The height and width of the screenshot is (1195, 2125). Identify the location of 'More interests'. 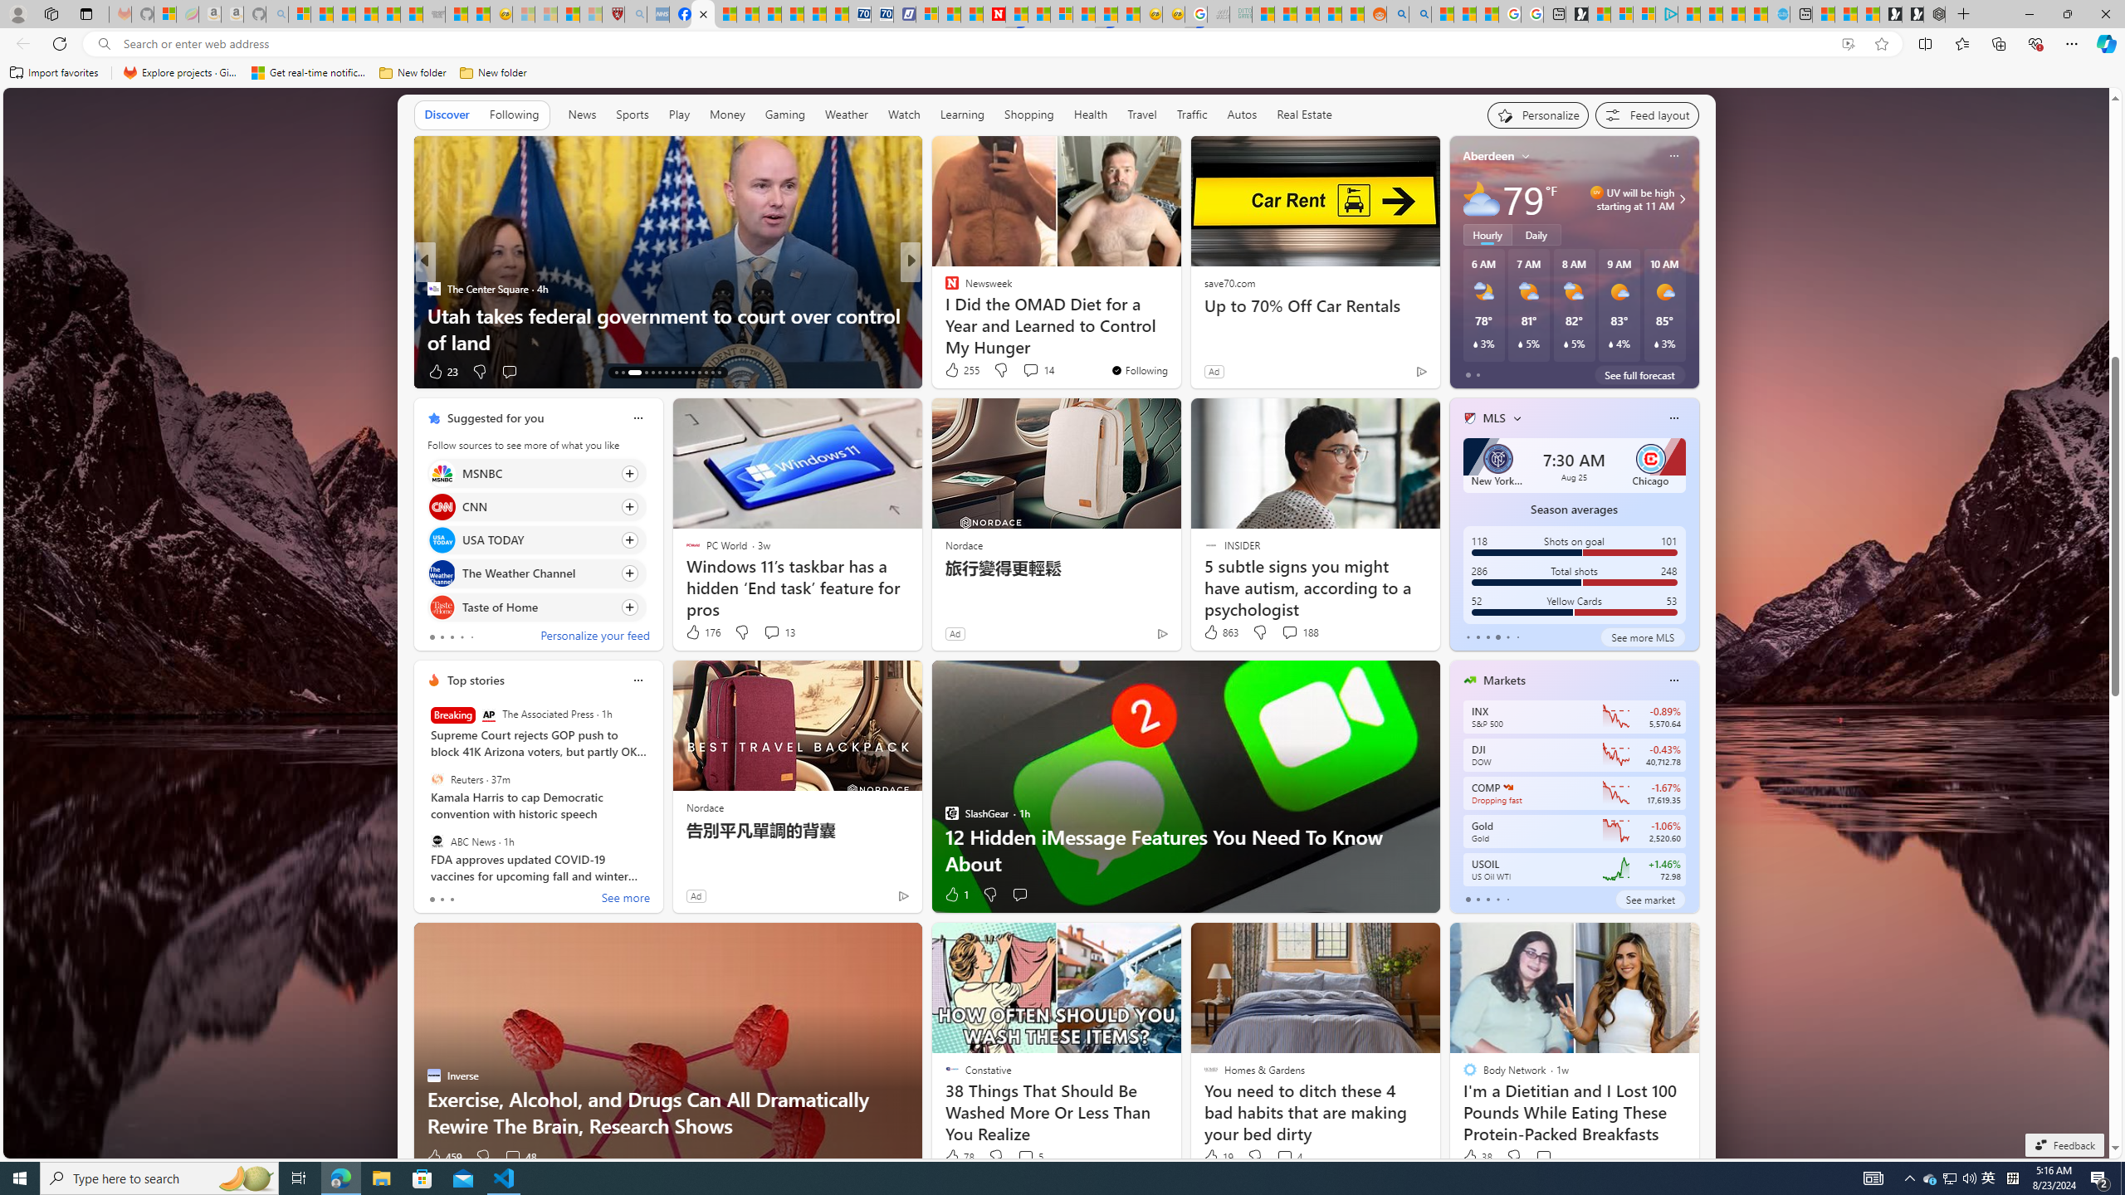
(1516, 417).